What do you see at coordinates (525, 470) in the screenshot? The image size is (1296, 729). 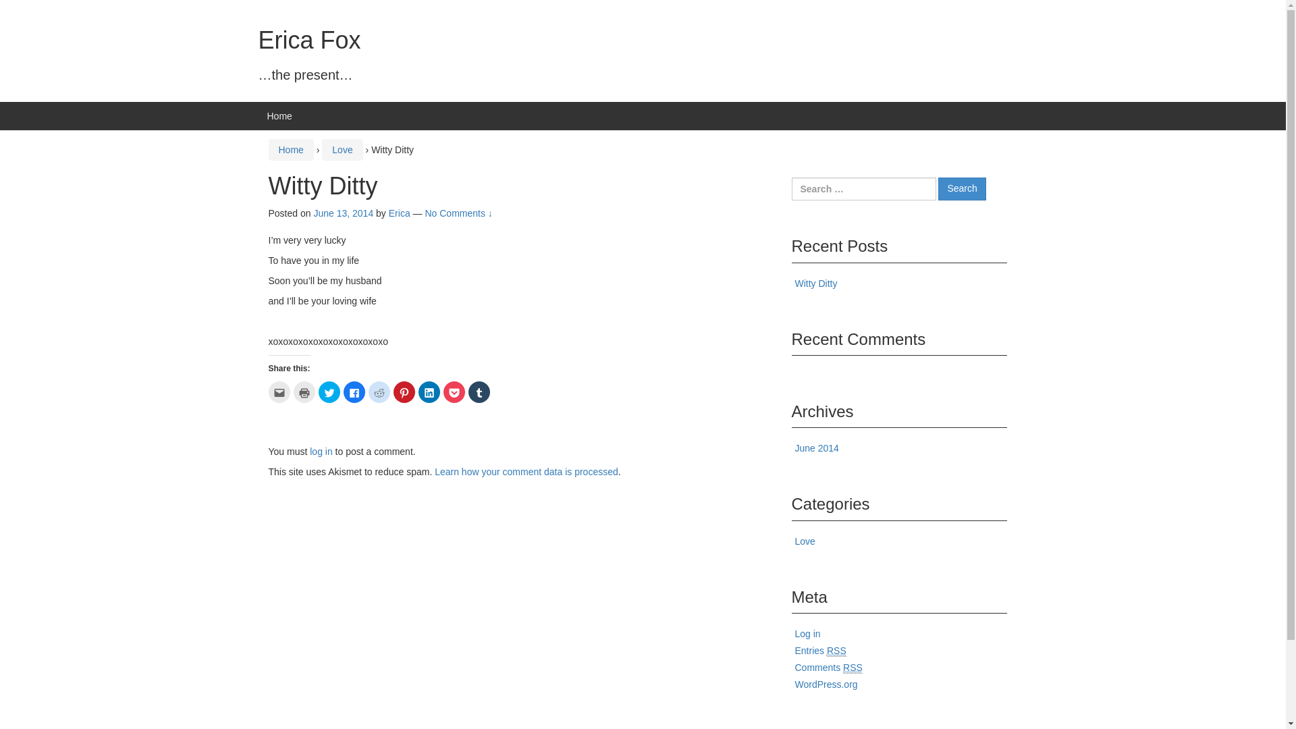 I see `'Learn how your comment data is processed'` at bounding box center [525, 470].